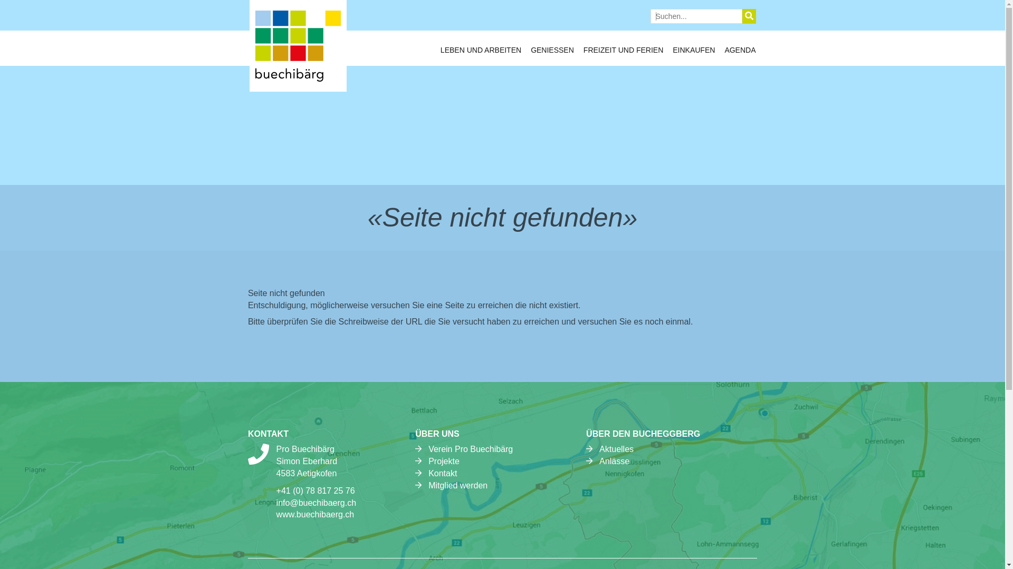 This screenshot has height=569, width=1013. What do you see at coordinates (739, 53) in the screenshot?
I see `'AGENDA'` at bounding box center [739, 53].